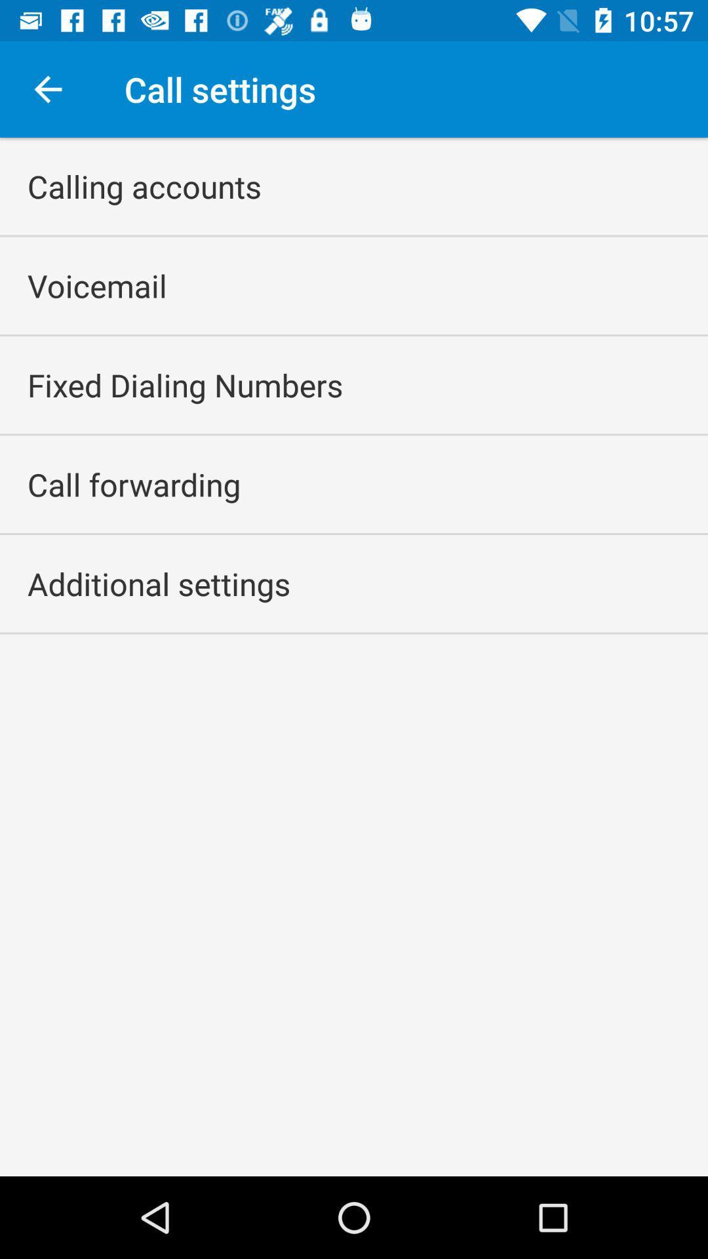 This screenshot has height=1259, width=708. I want to click on call forwarding icon, so click(134, 483).